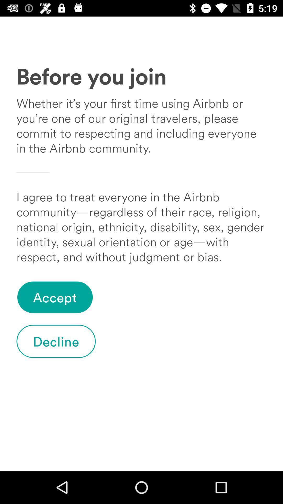 This screenshot has width=283, height=504. What do you see at coordinates (55, 297) in the screenshot?
I see `the icon below i agree to item` at bounding box center [55, 297].